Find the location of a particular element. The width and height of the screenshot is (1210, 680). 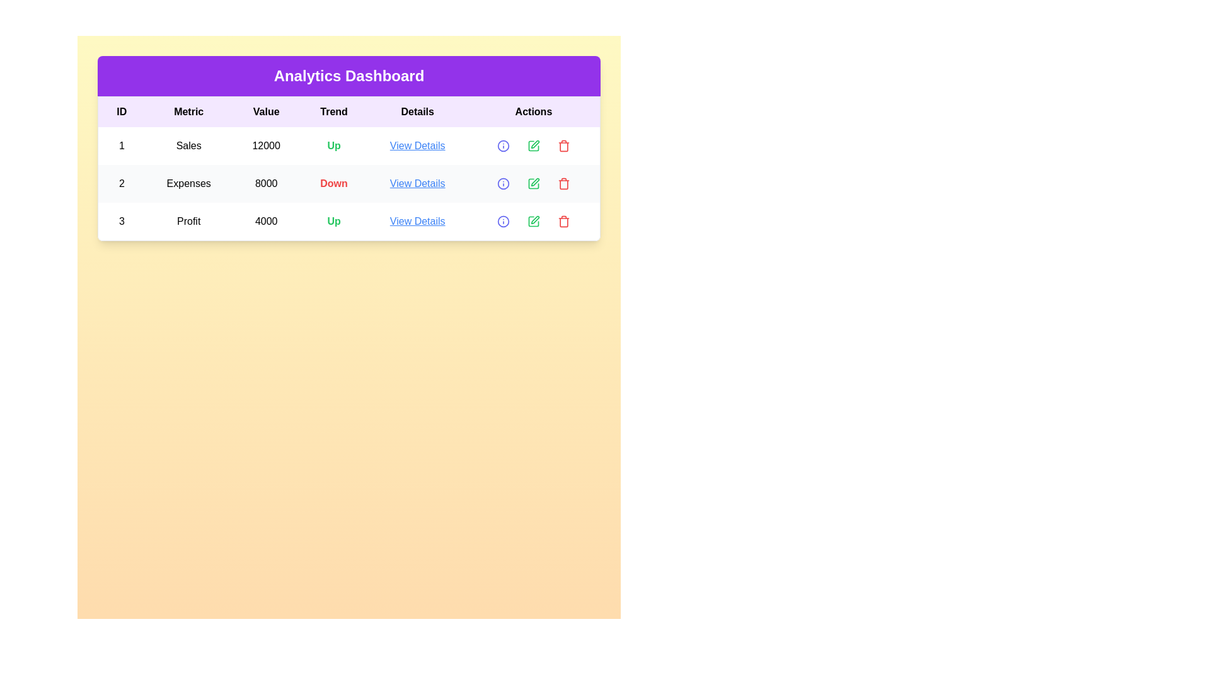

the edit icon styled with thin green stroke lines located in the 'Actions' column of the second row in the 'Analytics Dashboard' table to initiate an edit action is located at coordinates (533, 184).